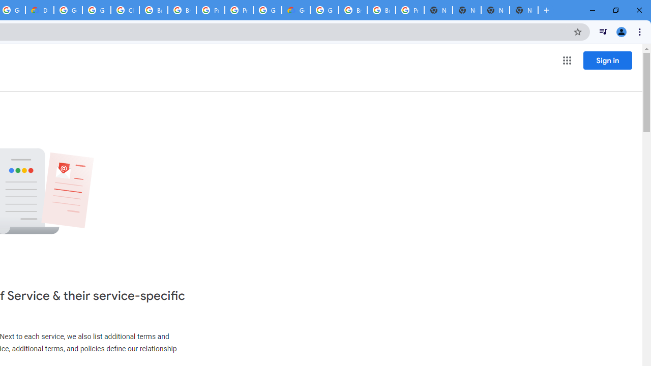  I want to click on 'New Tab', so click(495, 10).